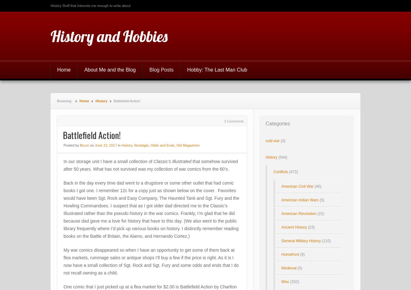 The width and height of the screenshot is (411, 290). Describe the element at coordinates (150, 165) in the screenshot. I see `'that somehow survived after 50 years. What has not survived was my collection of war comics from the 60’s.'` at that location.